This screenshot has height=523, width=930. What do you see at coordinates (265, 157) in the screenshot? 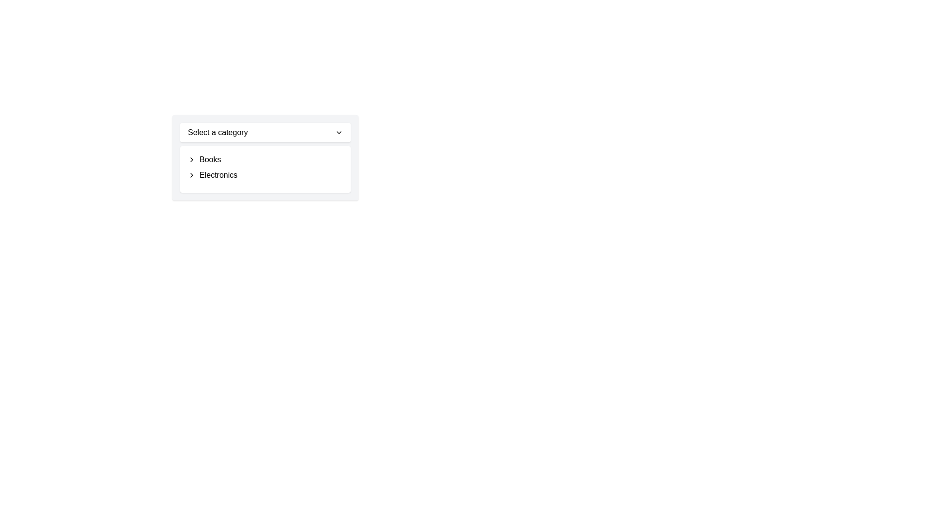
I see `an item from the dropdown menu labeled 'Select a category' by clicking on it` at bounding box center [265, 157].